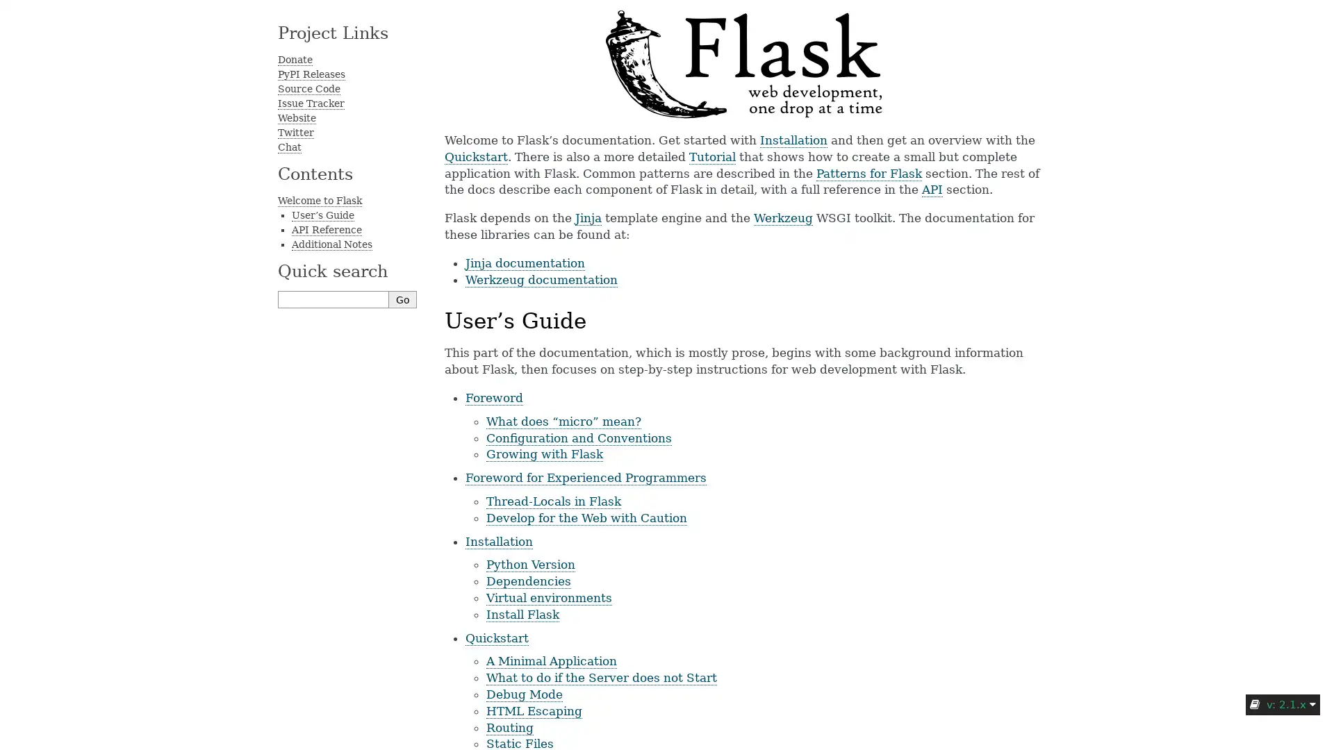  Describe the element at coordinates (402, 299) in the screenshot. I see `Go` at that location.